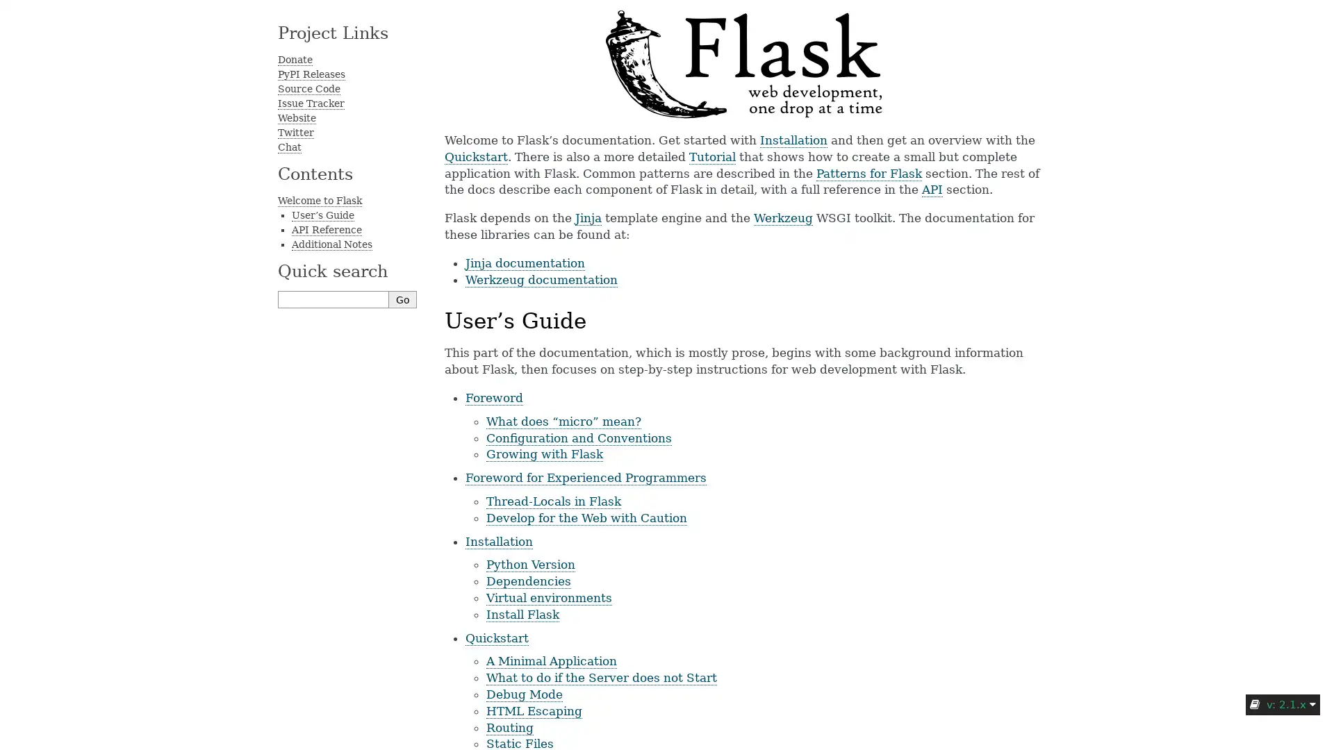  Describe the element at coordinates (402, 299) in the screenshot. I see `Go` at that location.